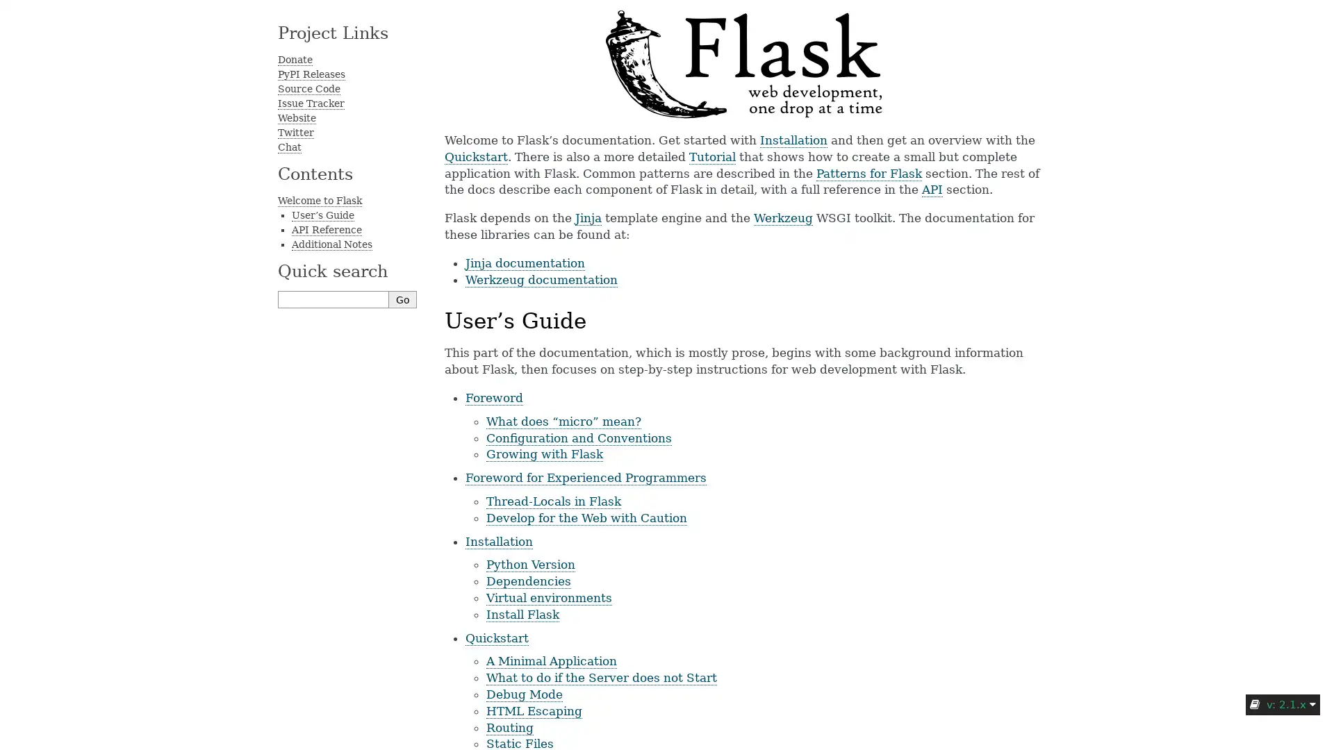  Describe the element at coordinates (402, 299) in the screenshot. I see `Go` at that location.